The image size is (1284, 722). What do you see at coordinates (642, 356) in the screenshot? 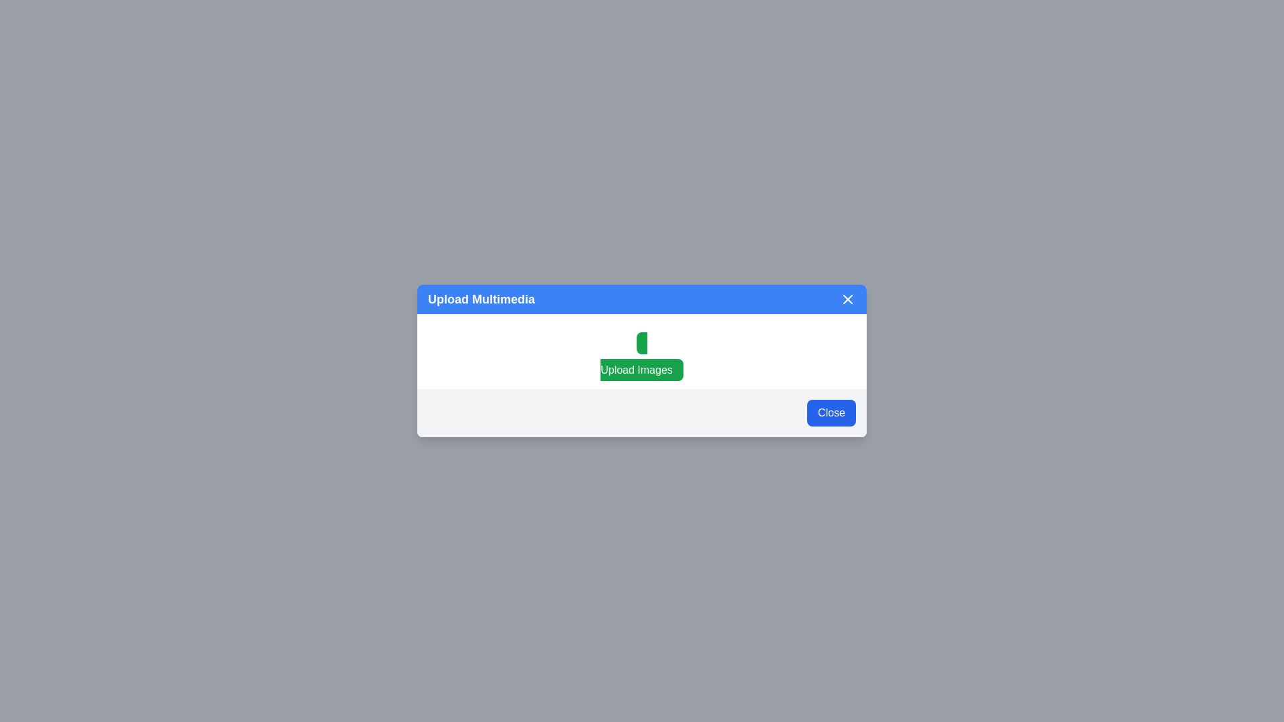
I see `the button in the 'Upload Multimedia' modal dialog` at bounding box center [642, 356].